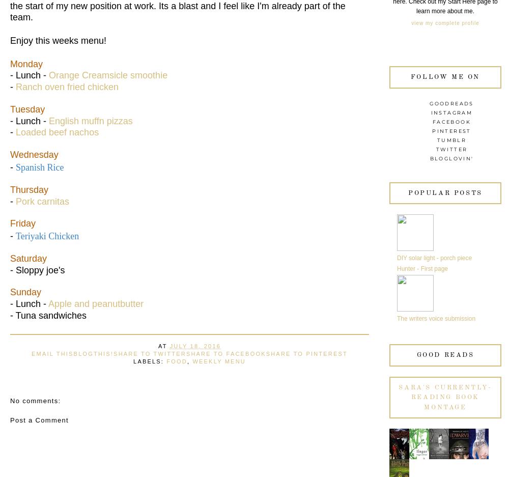 The width and height of the screenshot is (509, 477). What do you see at coordinates (451, 130) in the screenshot?
I see `'Pinterest'` at bounding box center [451, 130].